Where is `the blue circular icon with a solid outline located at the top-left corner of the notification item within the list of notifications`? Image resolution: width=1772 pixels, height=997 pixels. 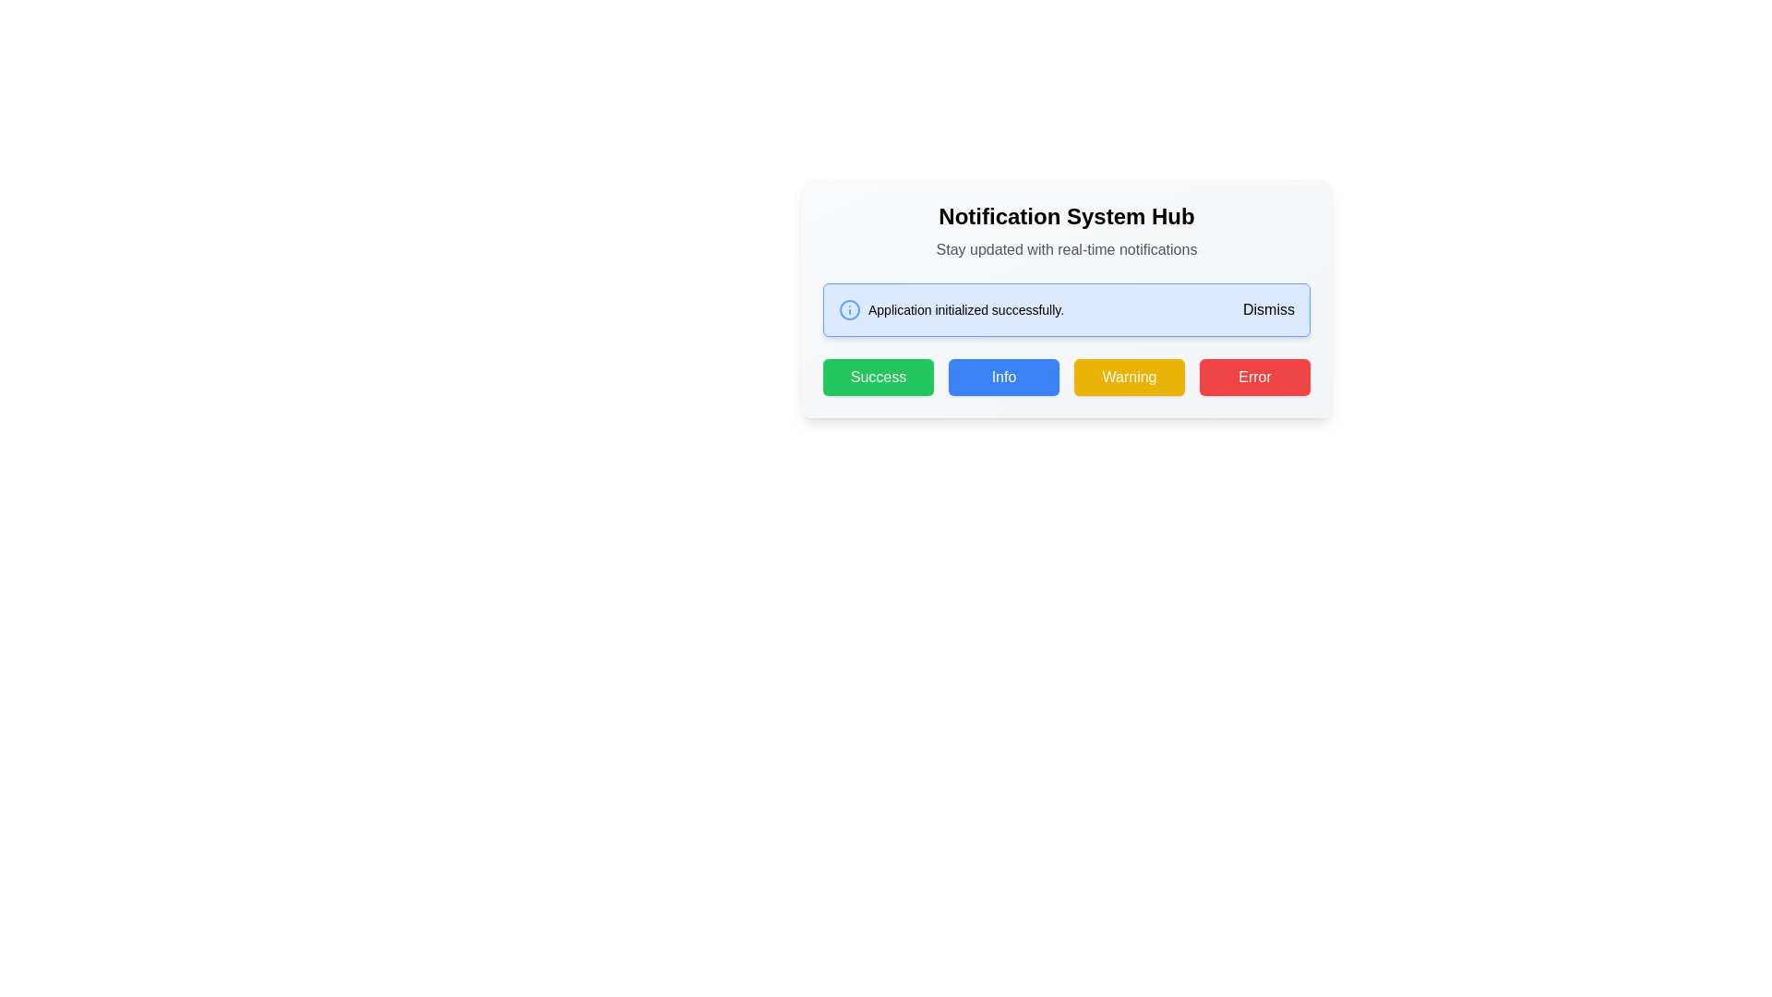 the blue circular icon with a solid outline located at the top-left corner of the notification item within the list of notifications is located at coordinates (849, 308).